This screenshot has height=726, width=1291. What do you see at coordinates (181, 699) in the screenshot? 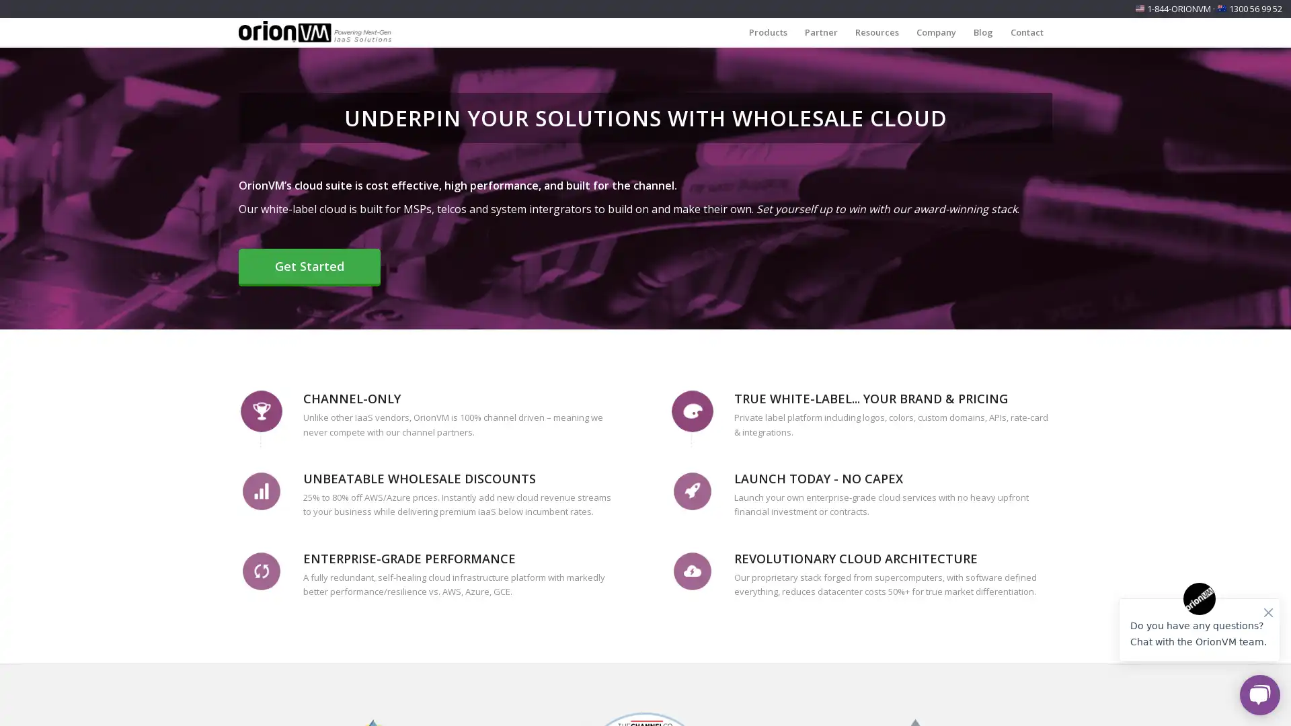
I see `Contact Us` at bounding box center [181, 699].